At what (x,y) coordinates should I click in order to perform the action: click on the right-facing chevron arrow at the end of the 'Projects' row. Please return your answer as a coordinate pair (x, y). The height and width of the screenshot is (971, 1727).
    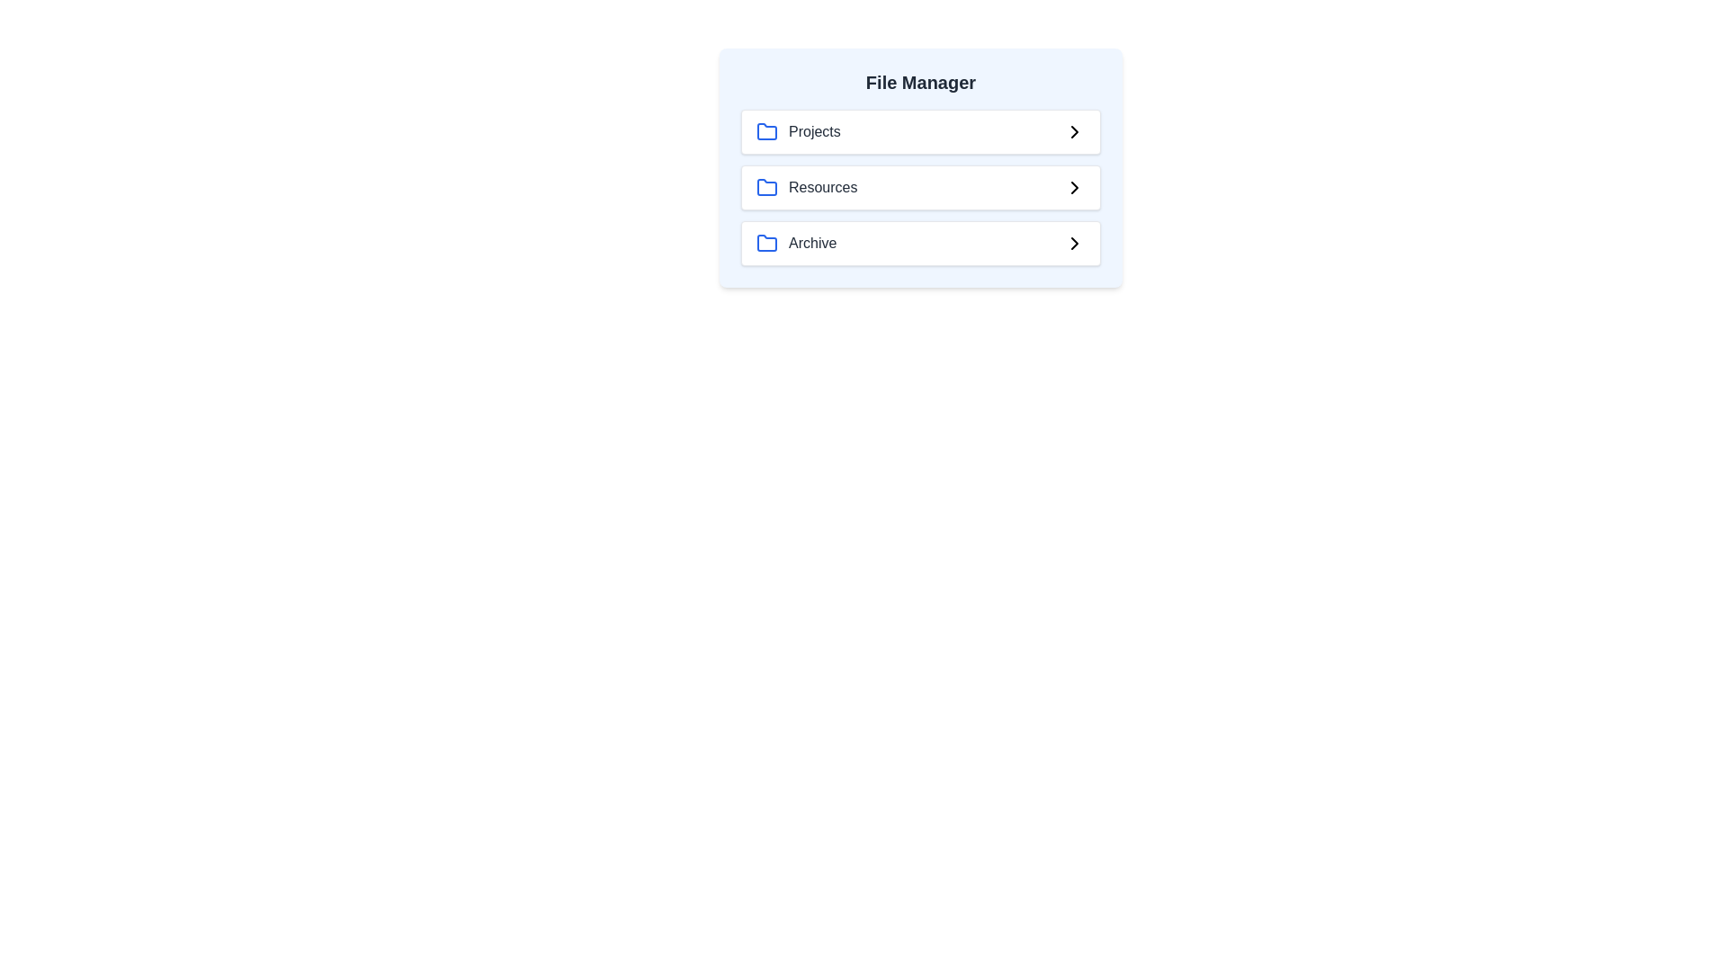
    Looking at the image, I should click on (1075, 130).